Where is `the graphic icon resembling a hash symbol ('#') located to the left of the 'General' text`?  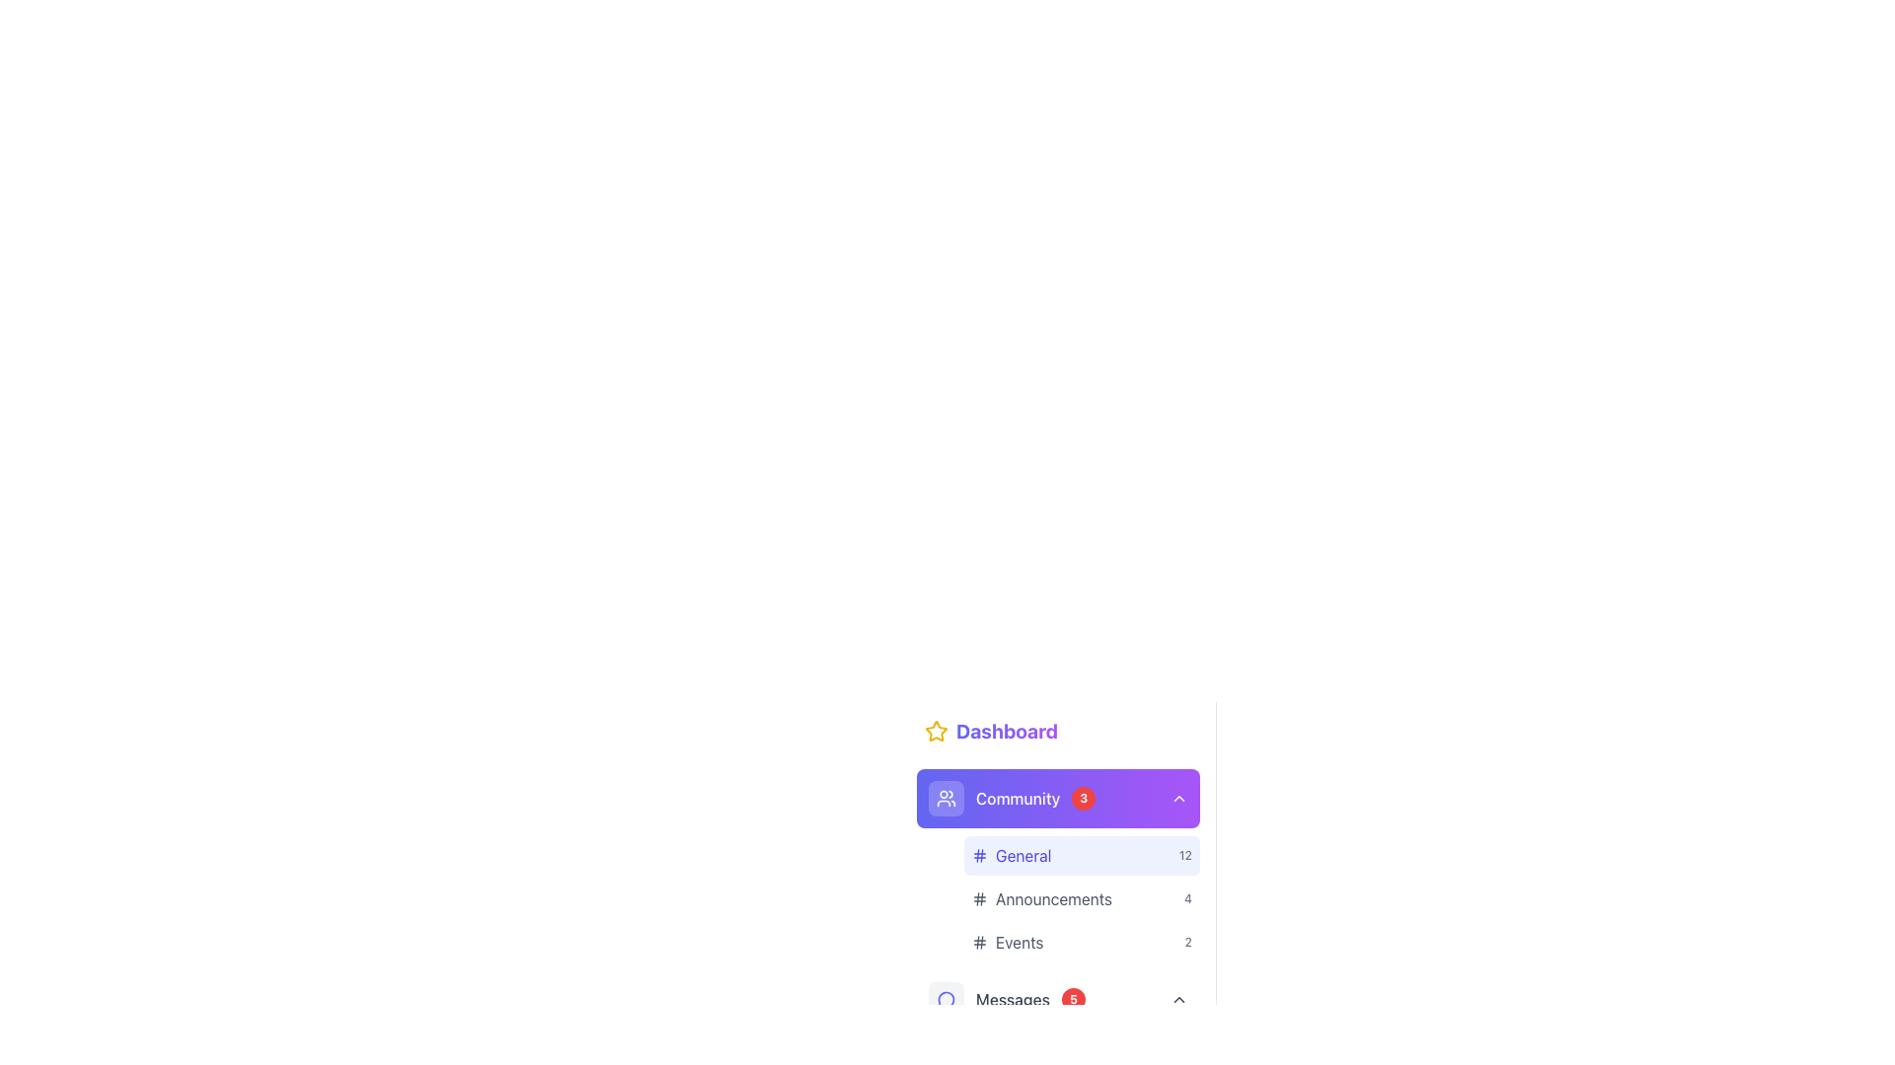 the graphic icon resembling a hash symbol ('#') located to the left of the 'General' text is located at coordinates (980, 854).